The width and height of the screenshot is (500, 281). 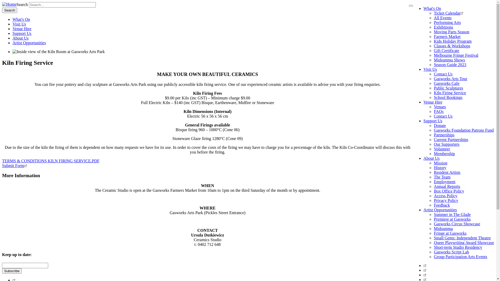 What do you see at coordinates (442, 17) in the screenshot?
I see `'All Events'` at bounding box center [442, 17].